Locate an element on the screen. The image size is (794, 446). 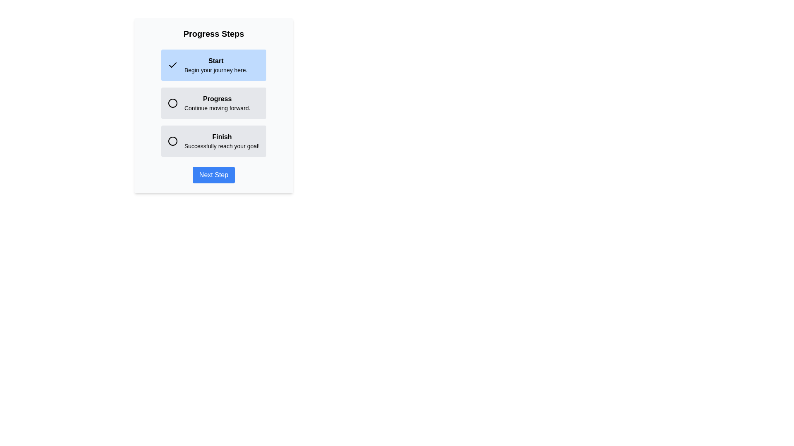
the Text Label providing descriptive information about the 'Progress' step, located directly below the 'Progress' title is located at coordinates (217, 108).